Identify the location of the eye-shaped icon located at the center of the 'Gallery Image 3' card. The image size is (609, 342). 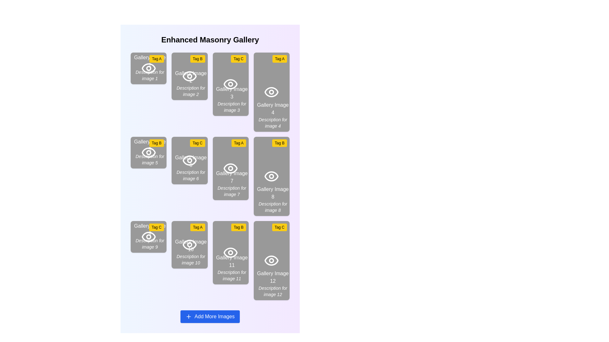
(230, 84).